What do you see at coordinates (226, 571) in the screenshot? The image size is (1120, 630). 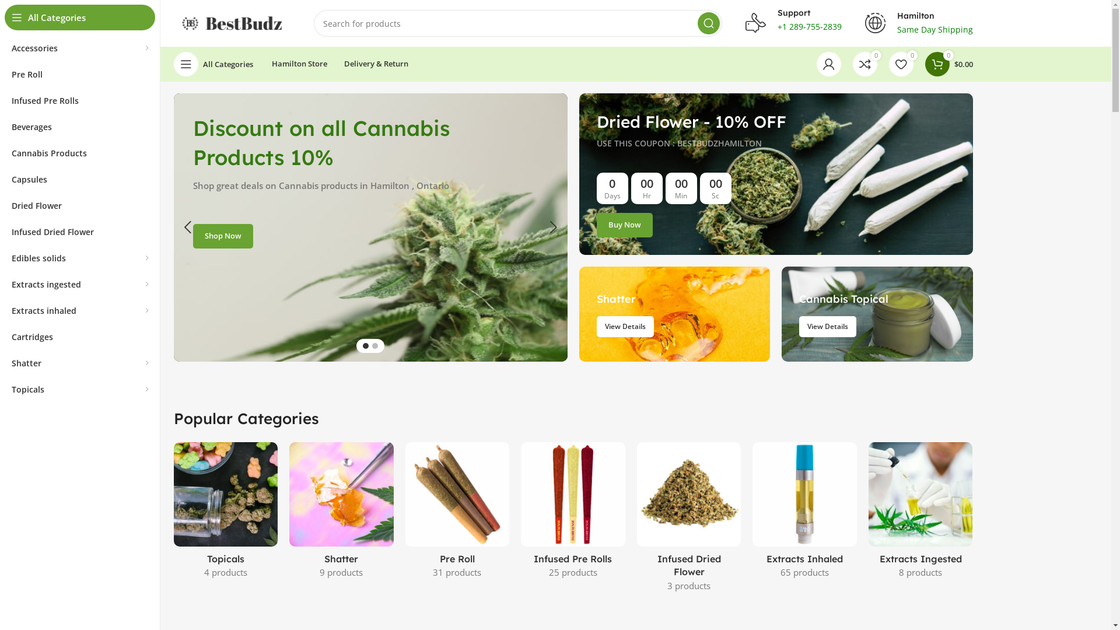 I see `'4 products'` at bounding box center [226, 571].